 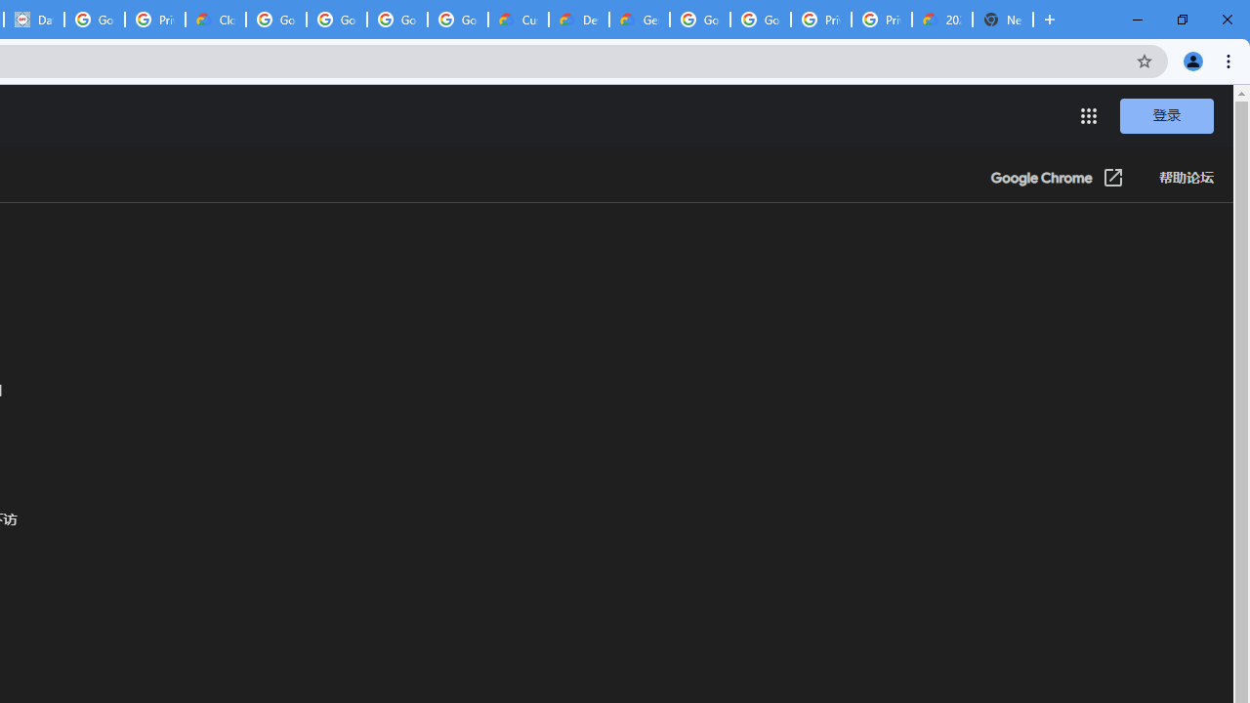 I want to click on 'Cloud Data Processing Addendum | Google Cloud', so click(x=215, y=20).